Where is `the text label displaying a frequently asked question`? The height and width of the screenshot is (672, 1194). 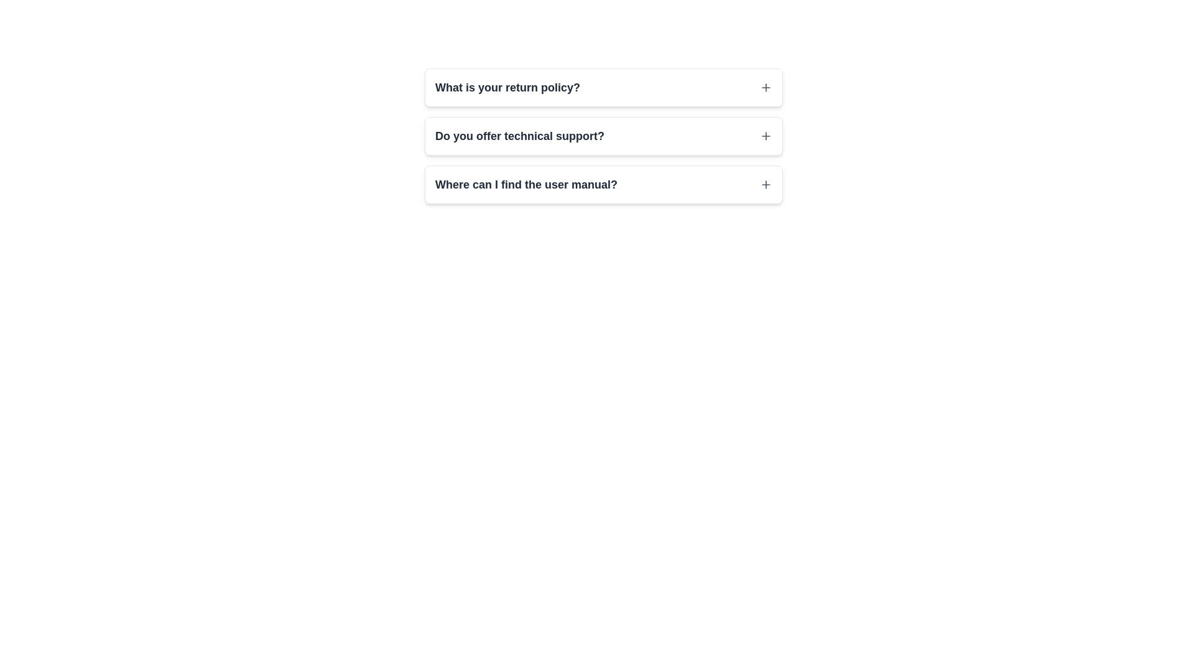
the text label displaying a frequently asked question is located at coordinates (519, 136).